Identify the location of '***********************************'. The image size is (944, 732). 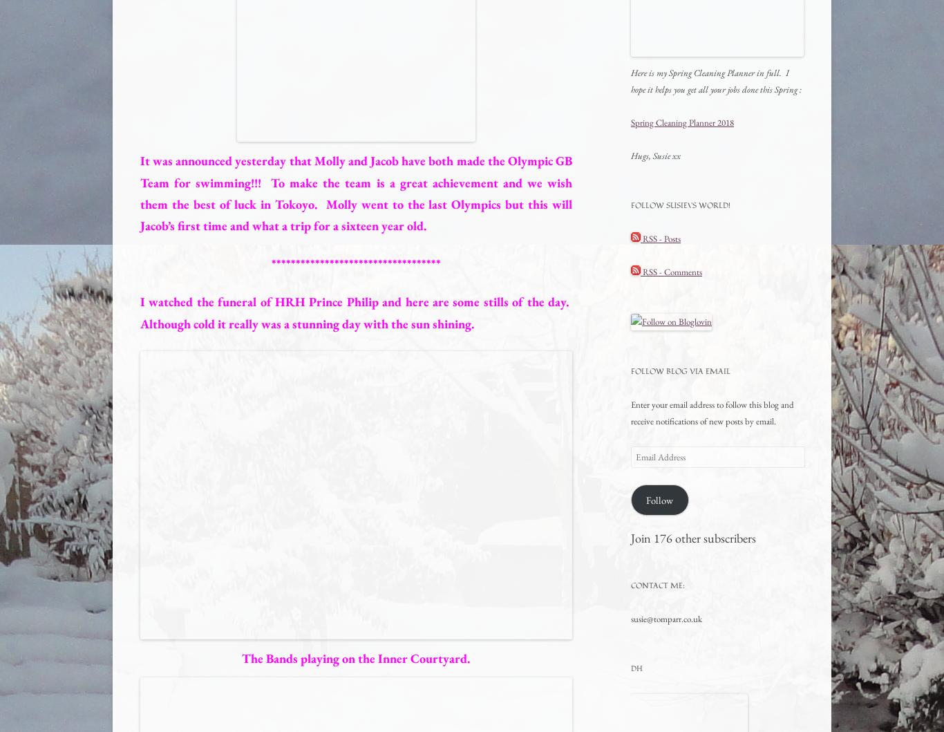
(270, 263).